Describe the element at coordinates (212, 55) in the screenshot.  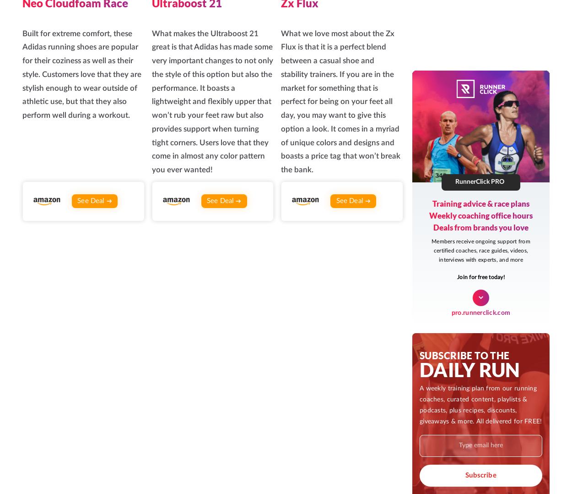
I see `'Join our private, growing community of passionate runners'` at that location.